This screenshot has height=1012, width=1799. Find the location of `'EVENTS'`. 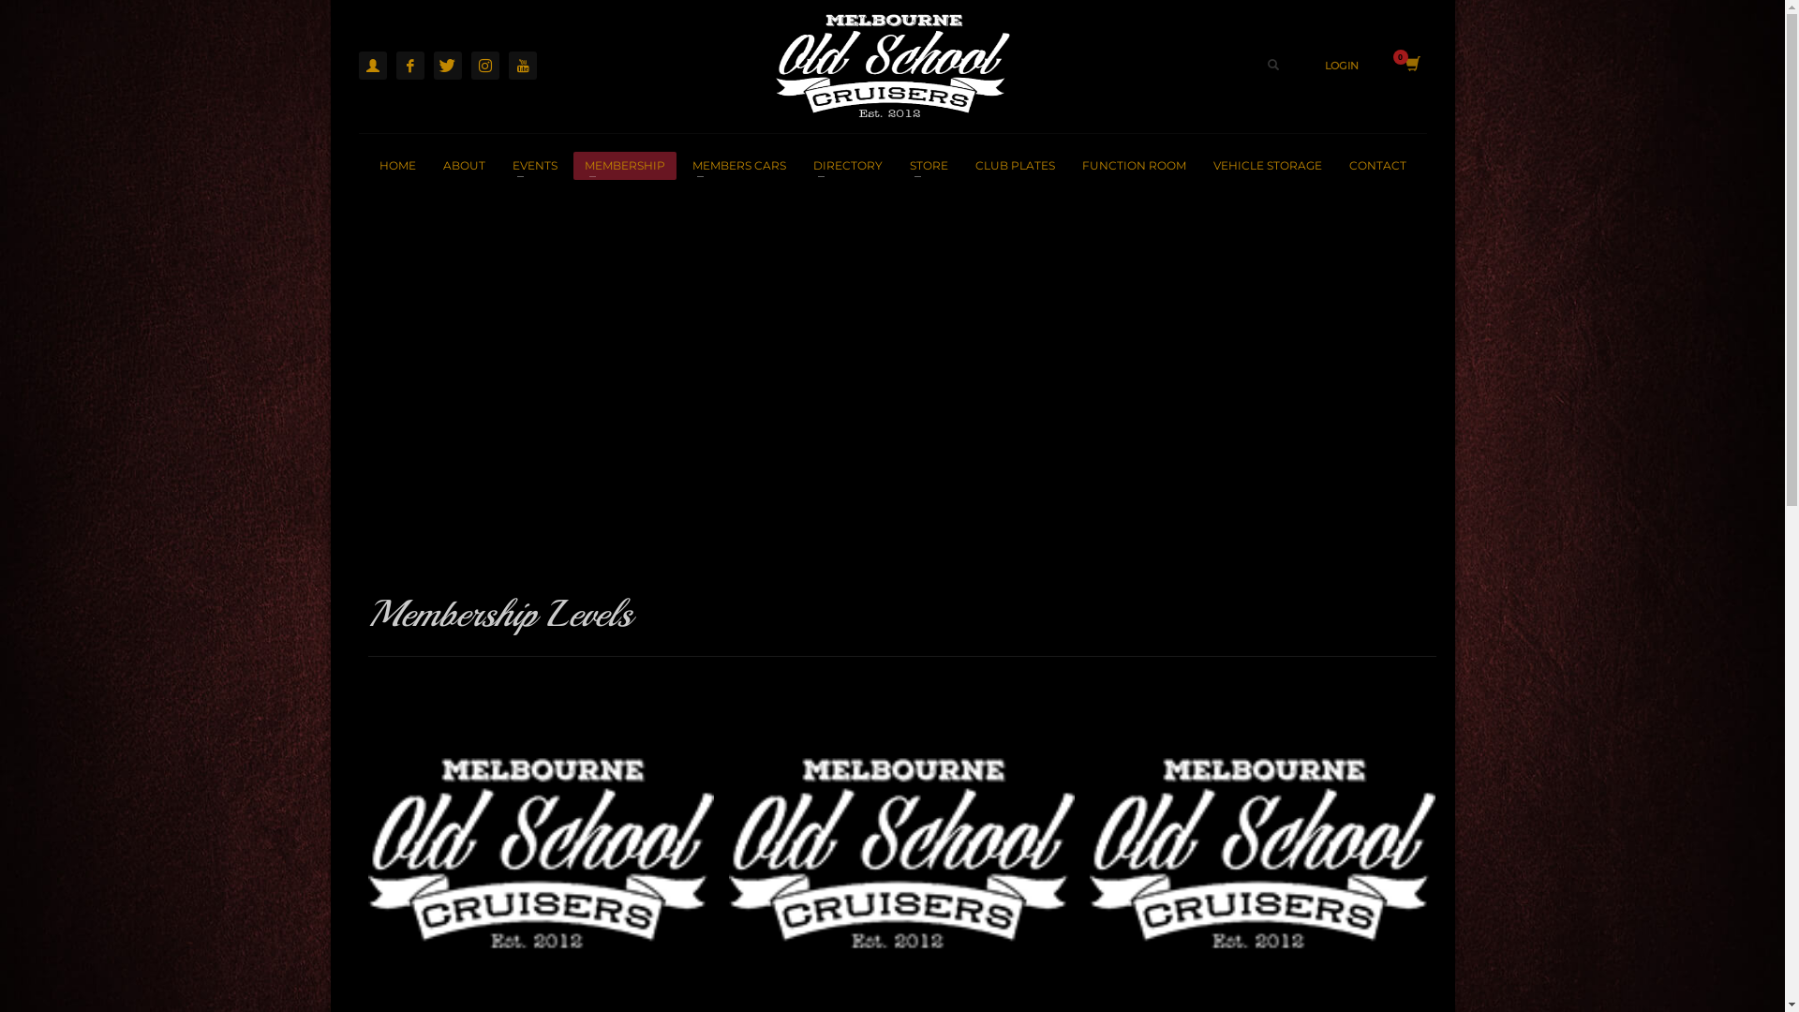

'EVENTS' is located at coordinates (533, 164).